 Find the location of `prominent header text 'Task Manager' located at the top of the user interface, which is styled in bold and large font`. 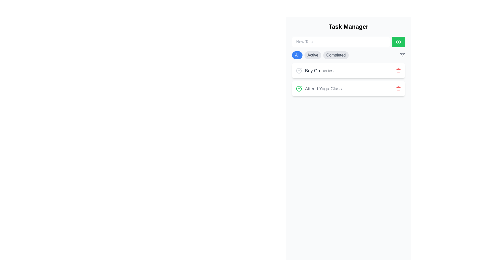

prominent header text 'Task Manager' located at the top of the user interface, which is styled in bold and large font is located at coordinates (348, 27).